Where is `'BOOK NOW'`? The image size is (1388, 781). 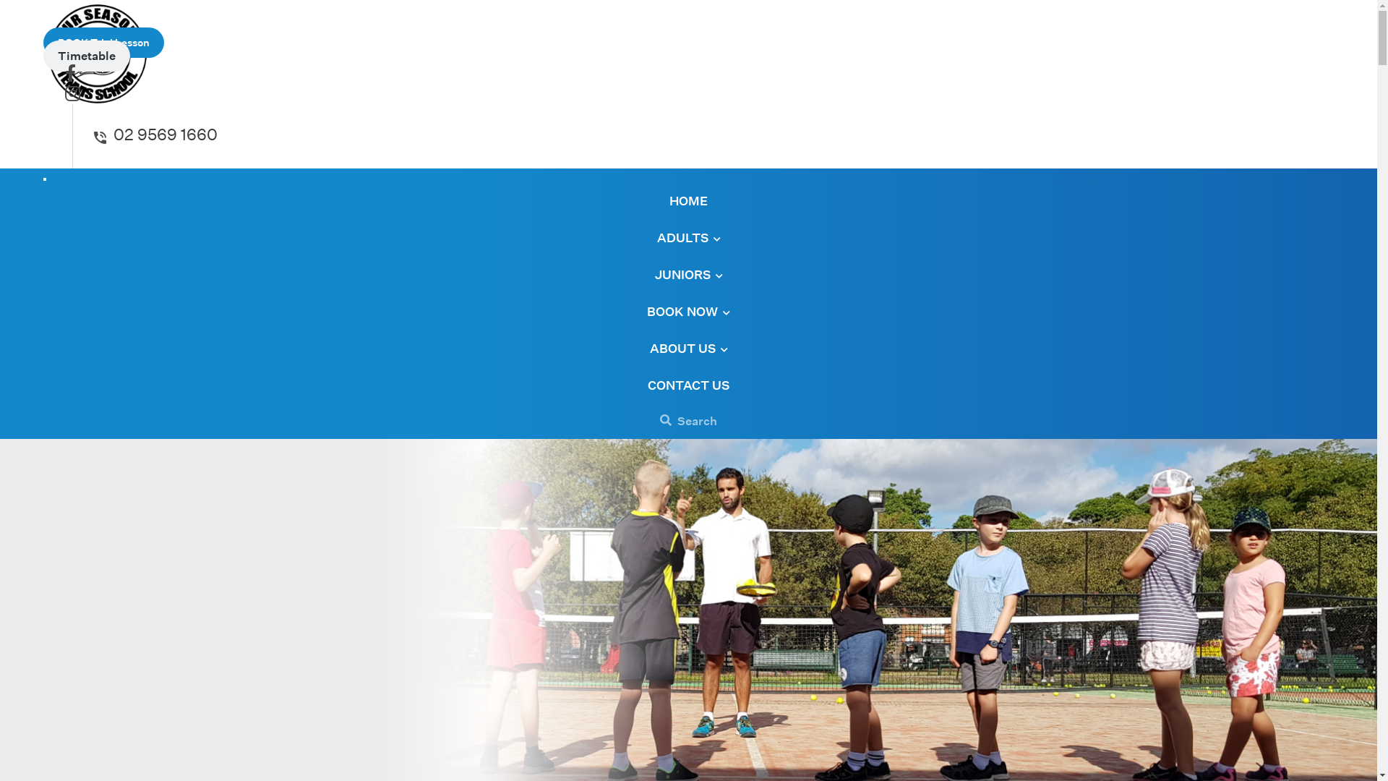 'BOOK NOW' is located at coordinates (687, 310).